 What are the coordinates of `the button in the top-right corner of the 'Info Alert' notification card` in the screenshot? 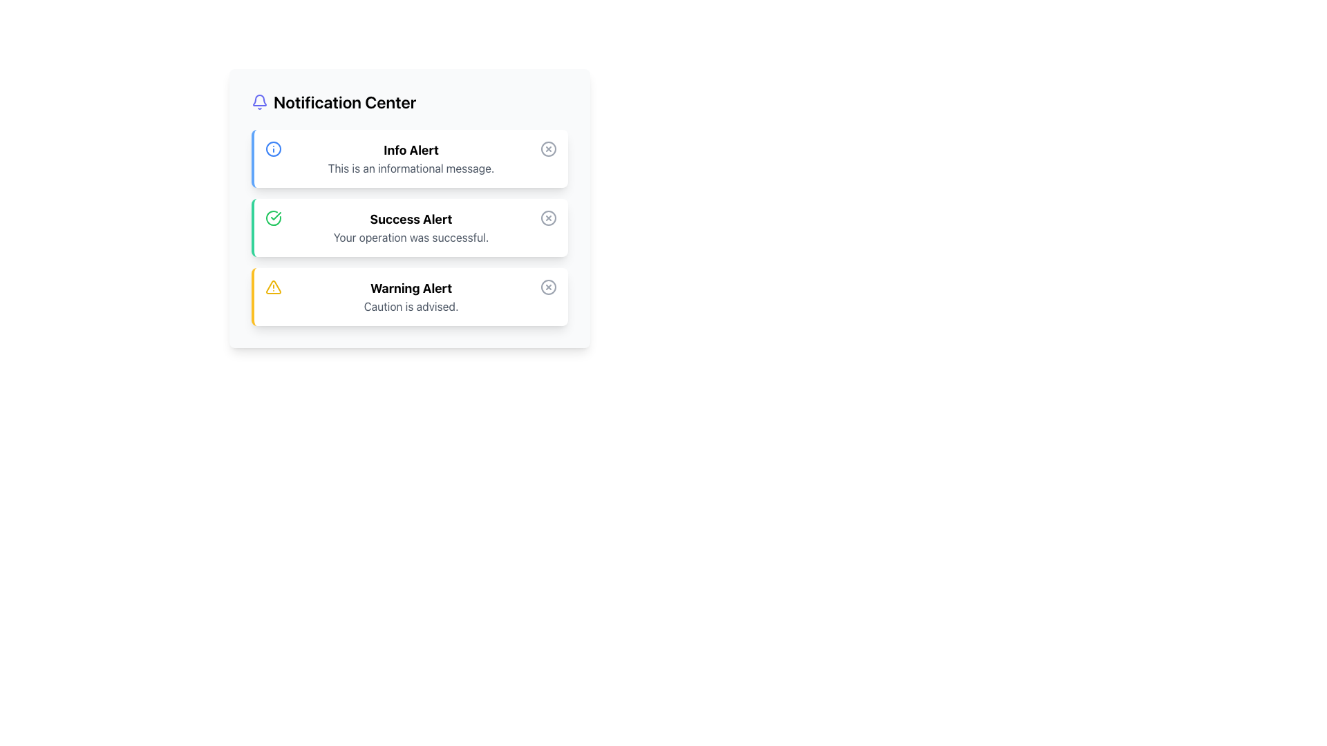 It's located at (547, 149).